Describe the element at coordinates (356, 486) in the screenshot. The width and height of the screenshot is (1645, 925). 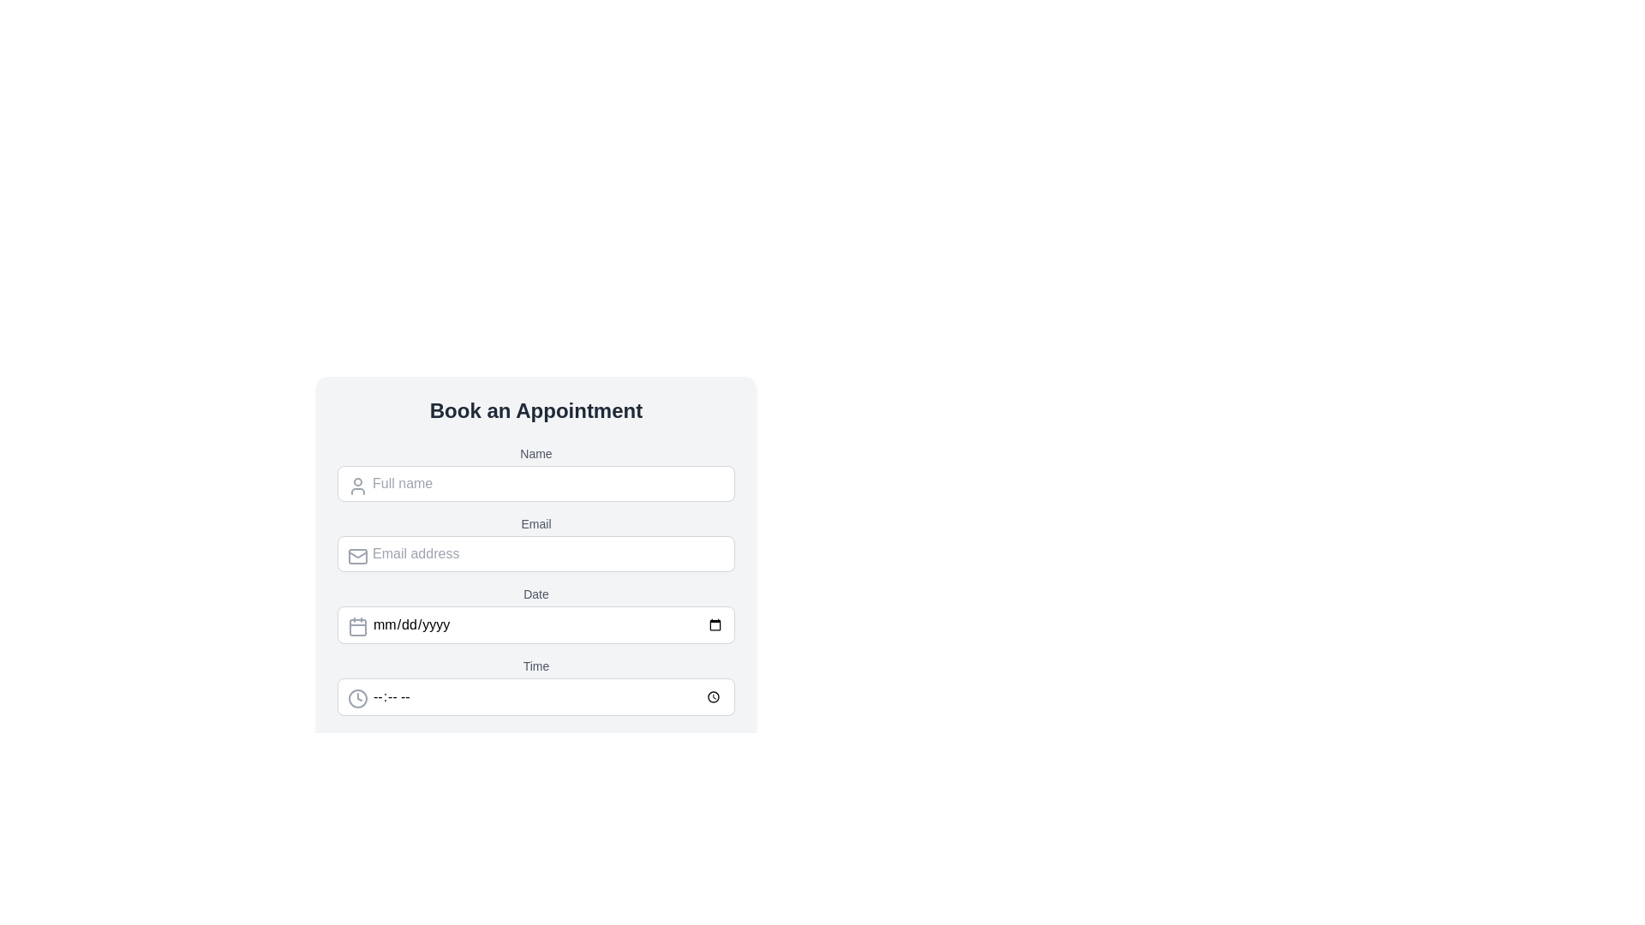
I see `the profile icon located on the left side of the 'Full name' input field, which symbolizes the purpose of the input field` at that location.